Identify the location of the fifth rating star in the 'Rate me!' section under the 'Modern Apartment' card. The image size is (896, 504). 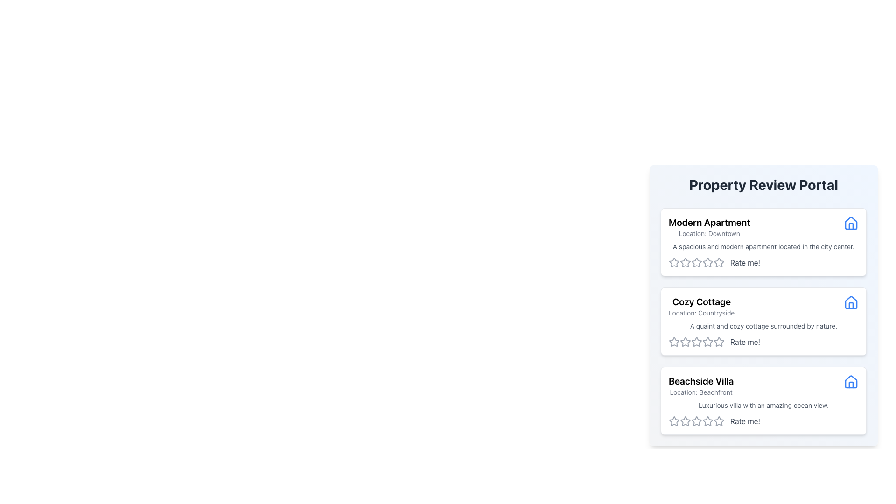
(718, 263).